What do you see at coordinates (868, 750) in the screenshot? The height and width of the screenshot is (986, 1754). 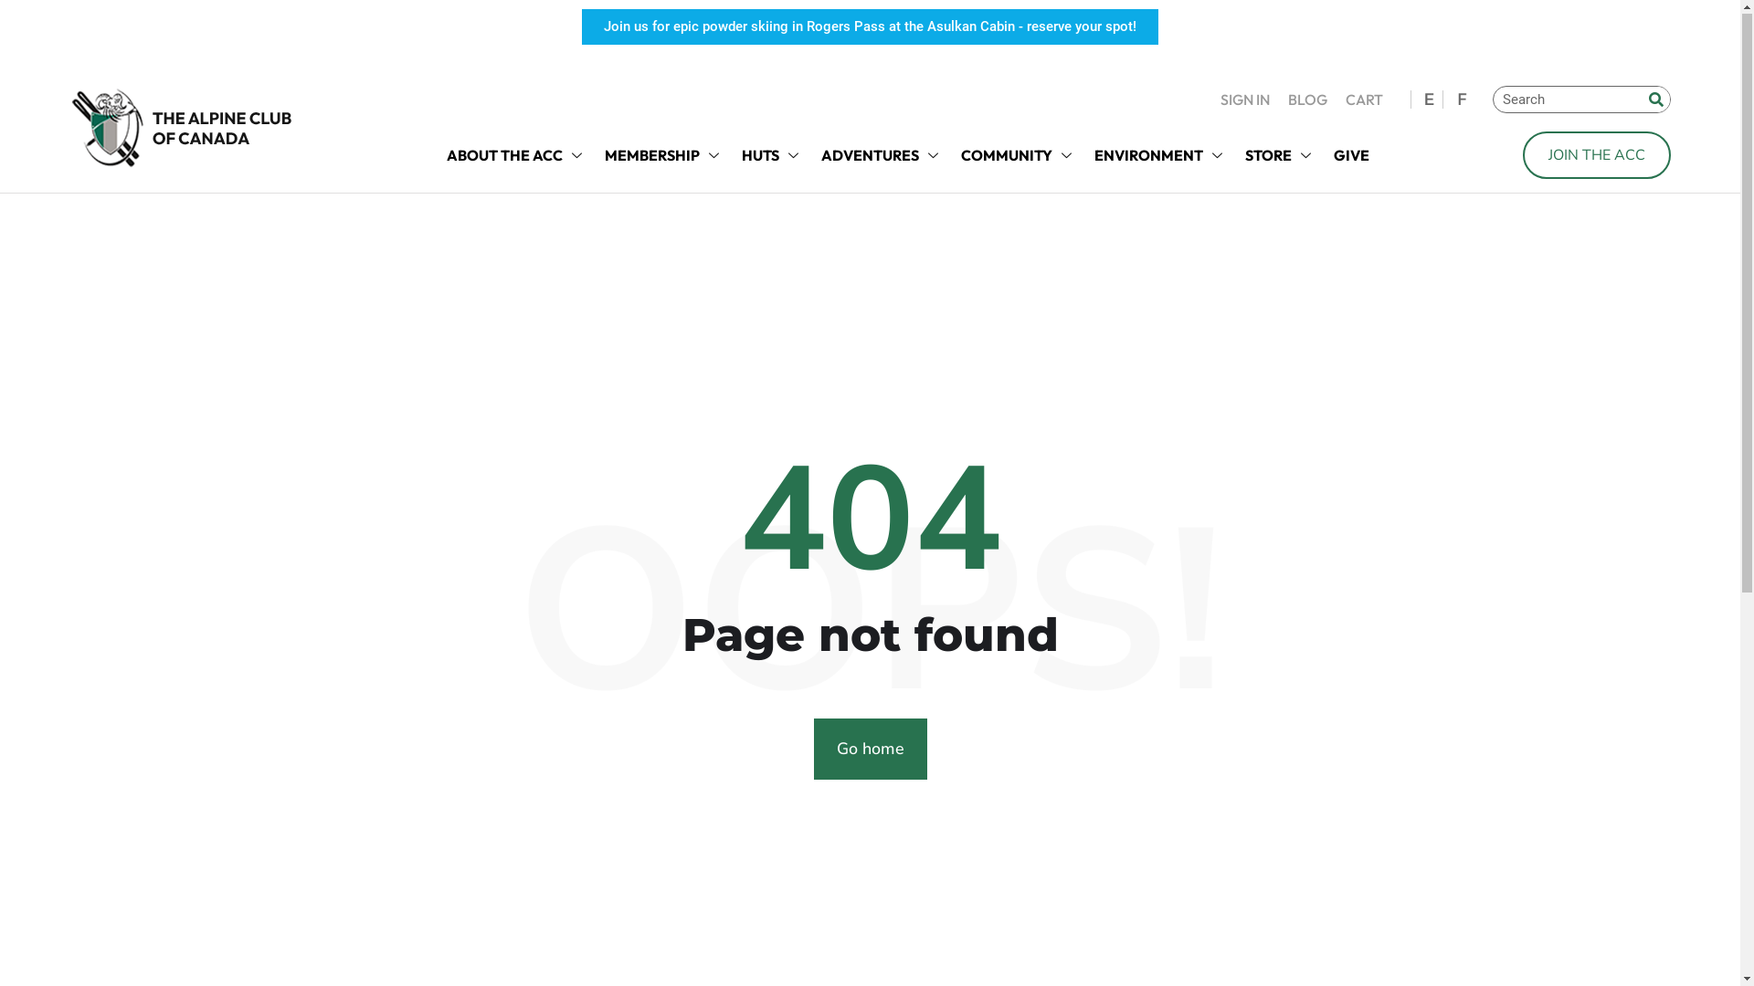 I see `'Go home'` at bounding box center [868, 750].